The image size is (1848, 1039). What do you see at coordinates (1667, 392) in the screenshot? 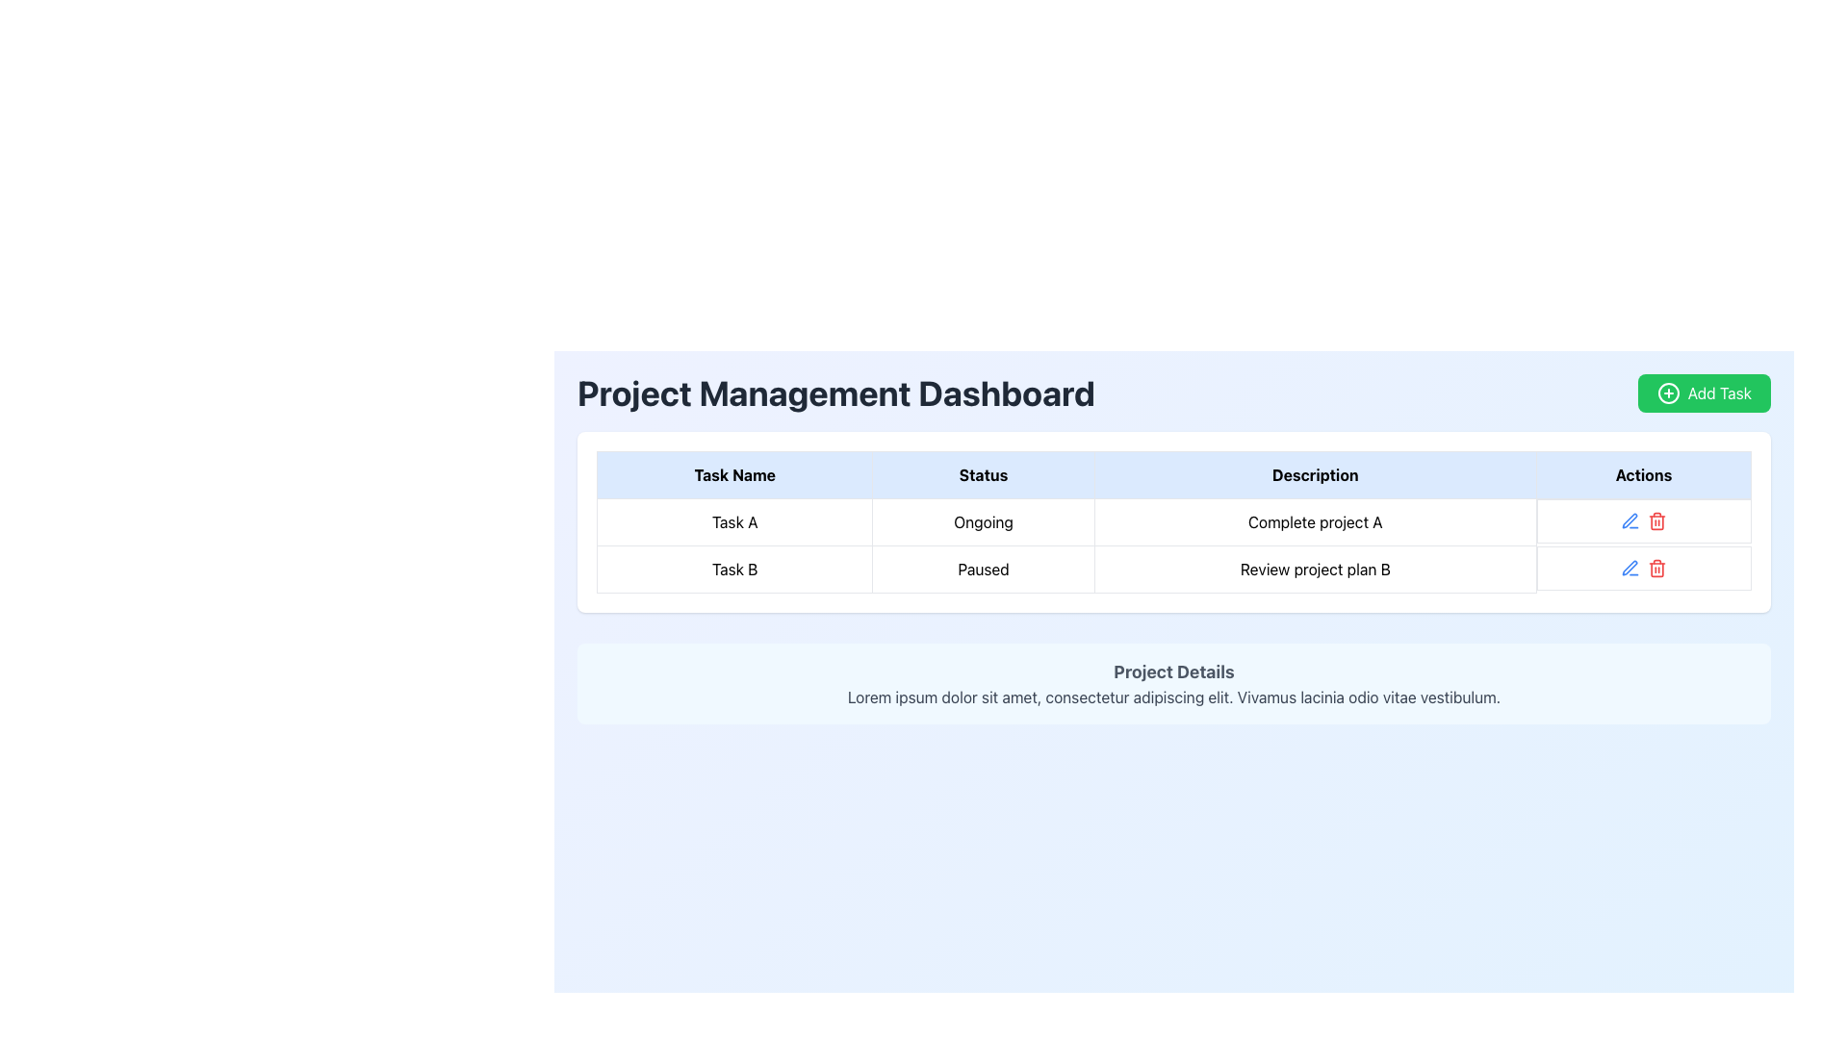
I see `the green circular '+' icon within the 'Add Task' button located in the top-right corner of the interface to potentially see a tooltip or effect` at bounding box center [1667, 392].